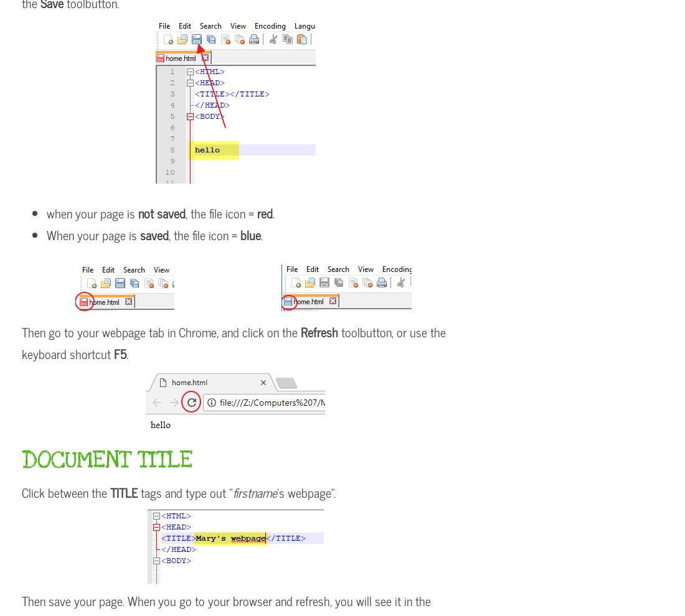 The width and height of the screenshot is (685, 616). I want to click on 'when your page is', so click(47, 212).